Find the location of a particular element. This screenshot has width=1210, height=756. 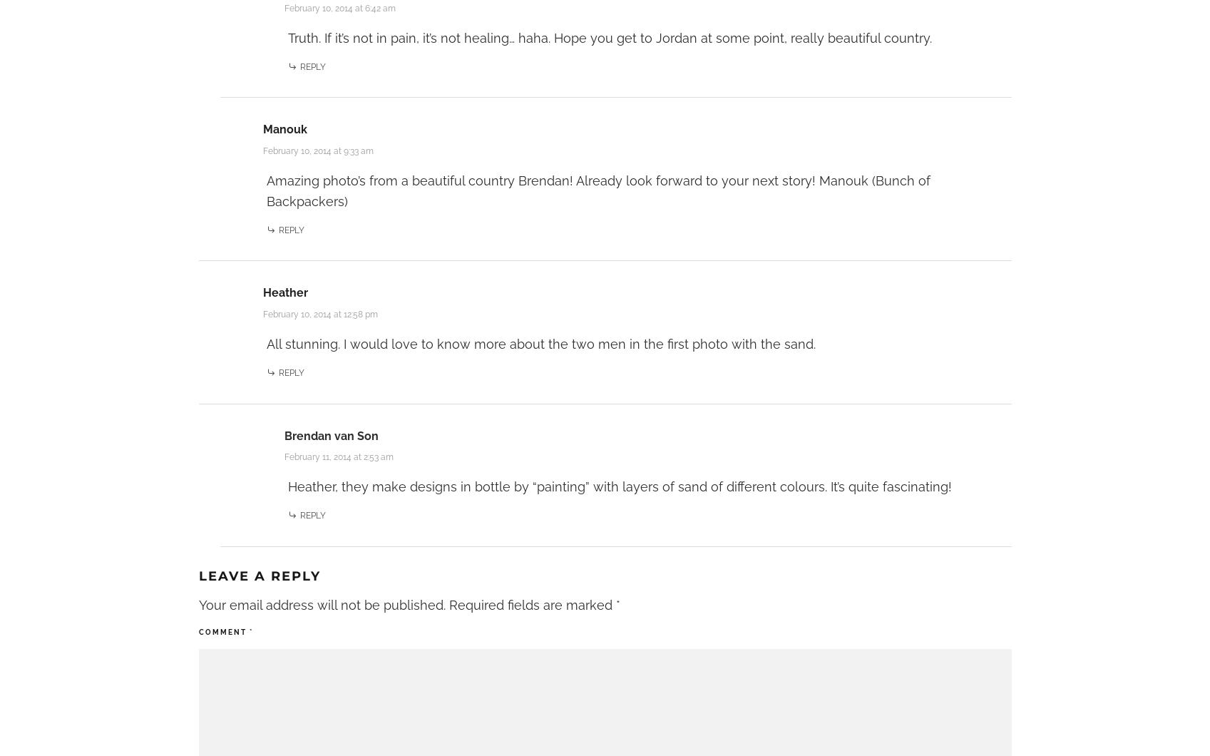

'Required fields are marked' is located at coordinates (531, 605).